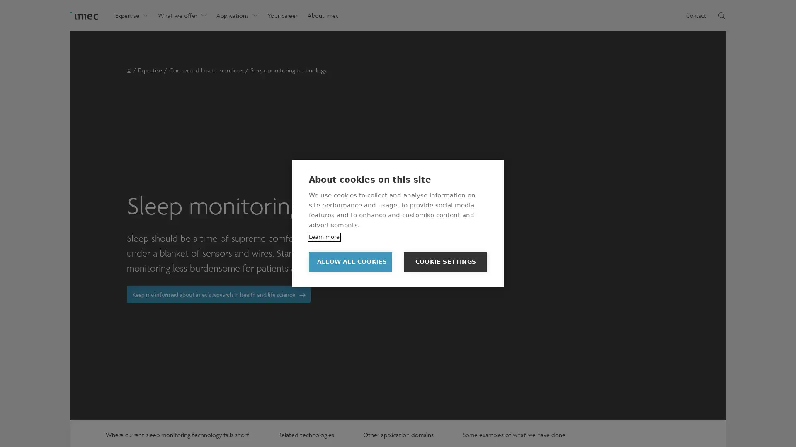  Describe the element at coordinates (445, 262) in the screenshot. I see `COOKIE SETTINGS` at that location.